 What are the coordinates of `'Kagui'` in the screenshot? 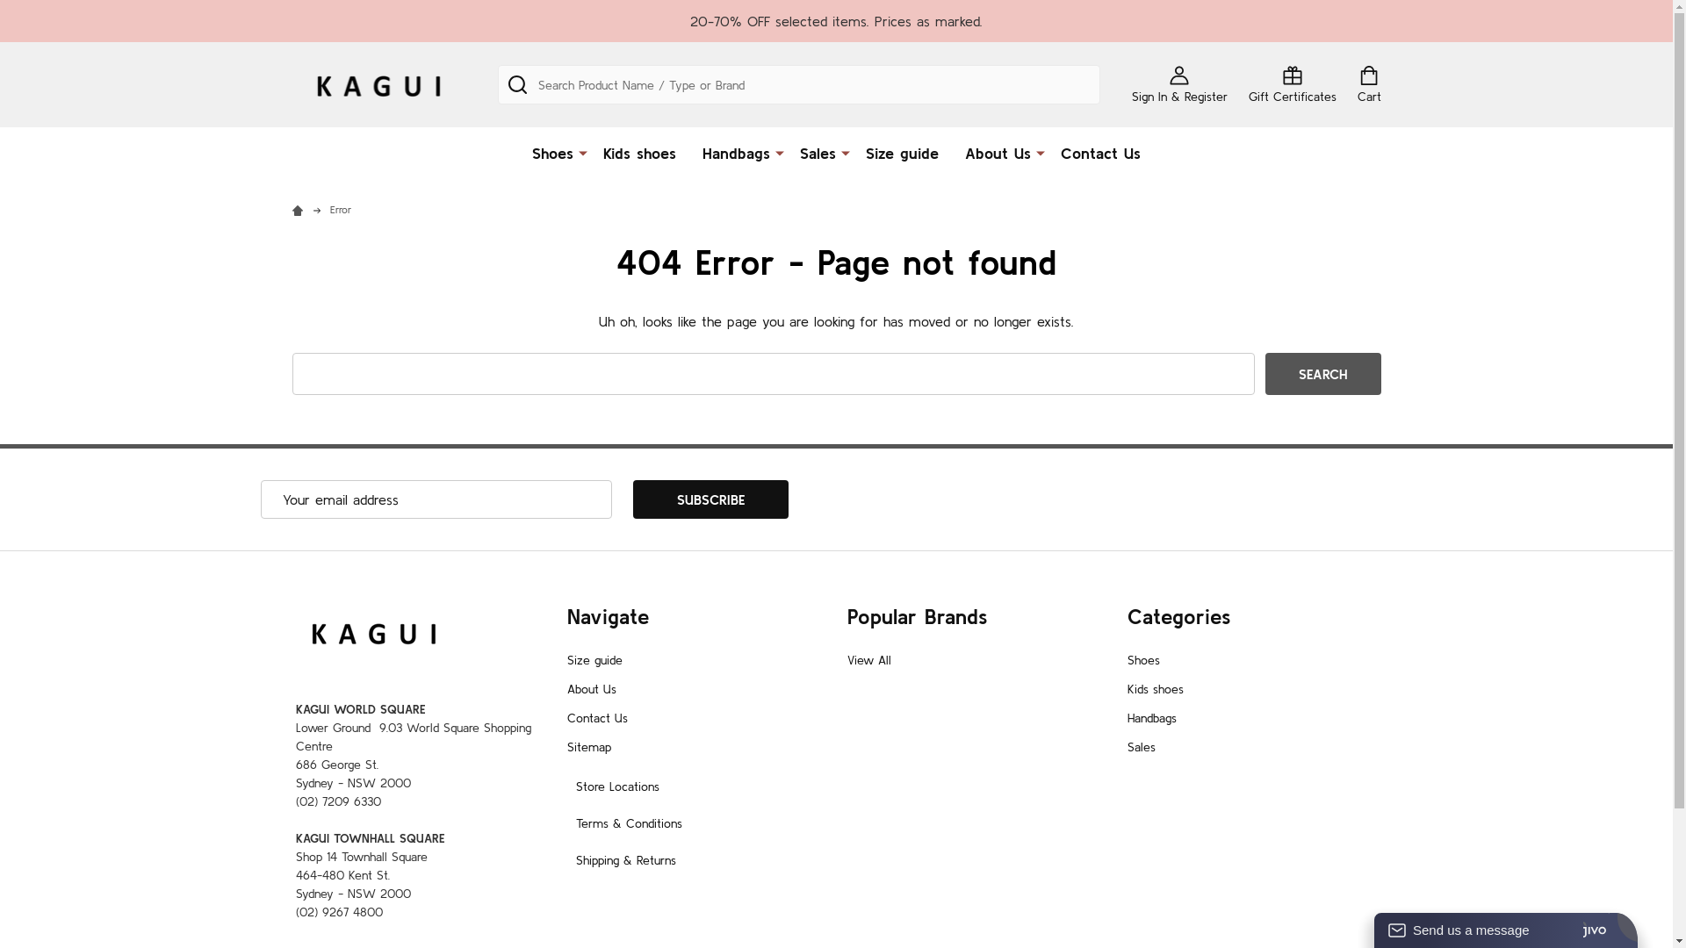 It's located at (376, 84).